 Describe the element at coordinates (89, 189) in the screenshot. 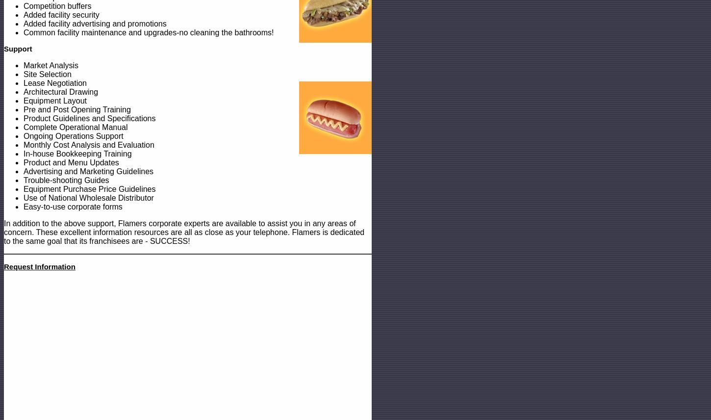

I see `'Equipment Purchase Price Guidelines'` at that location.